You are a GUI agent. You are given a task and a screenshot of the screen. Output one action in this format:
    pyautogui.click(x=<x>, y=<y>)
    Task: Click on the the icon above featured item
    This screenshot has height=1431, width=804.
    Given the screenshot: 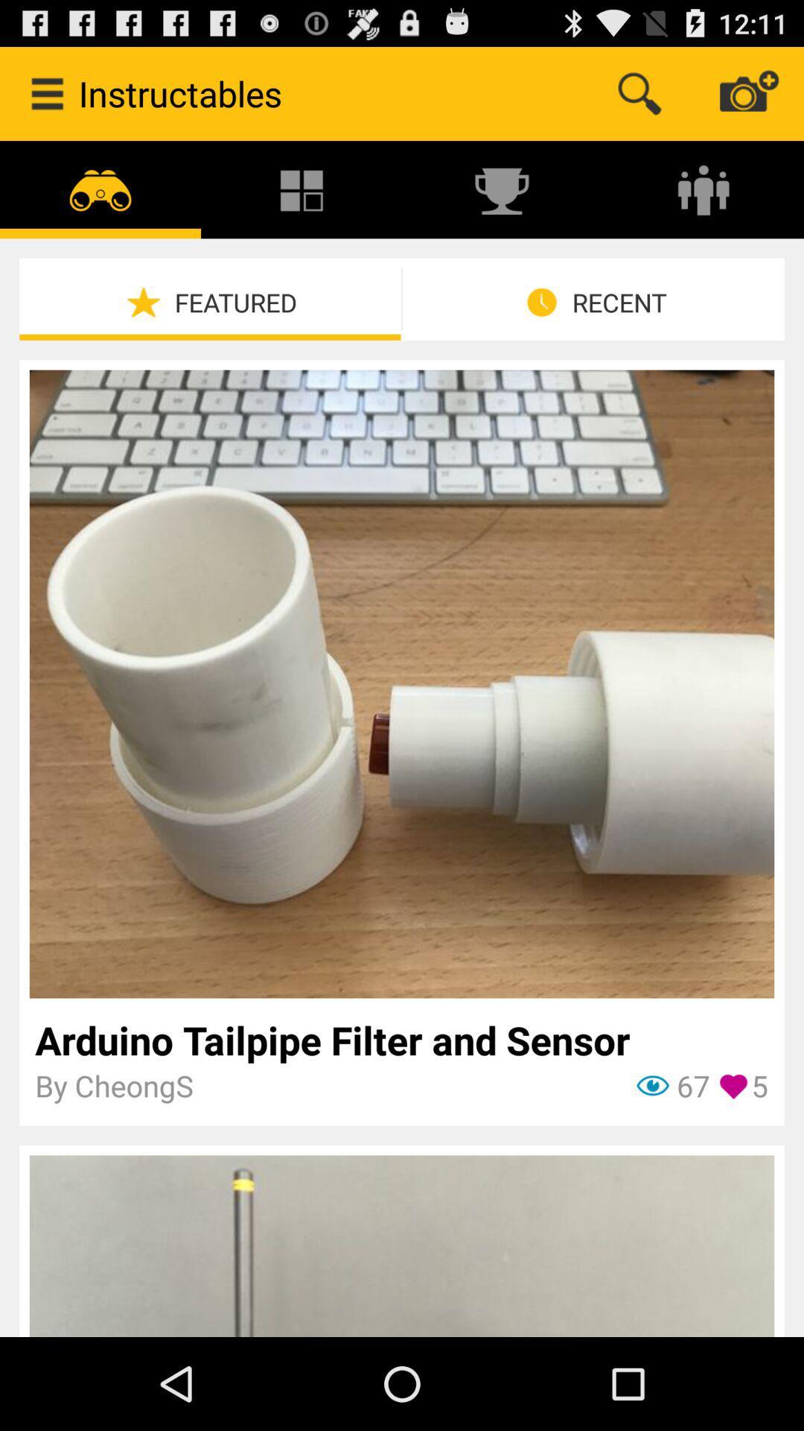 What is the action you would take?
    pyautogui.click(x=301, y=189)
    